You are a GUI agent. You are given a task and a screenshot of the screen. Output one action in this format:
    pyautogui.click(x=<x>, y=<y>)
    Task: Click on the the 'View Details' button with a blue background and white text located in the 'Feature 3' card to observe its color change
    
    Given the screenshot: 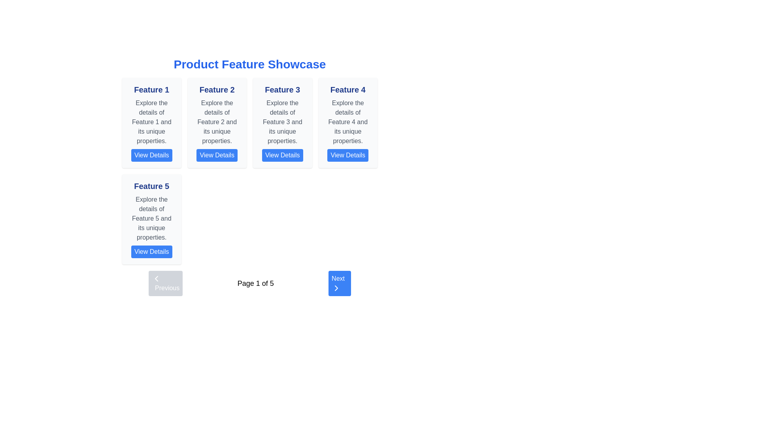 What is the action you would take?
    pyautogui.click(x=282, y=155)
    